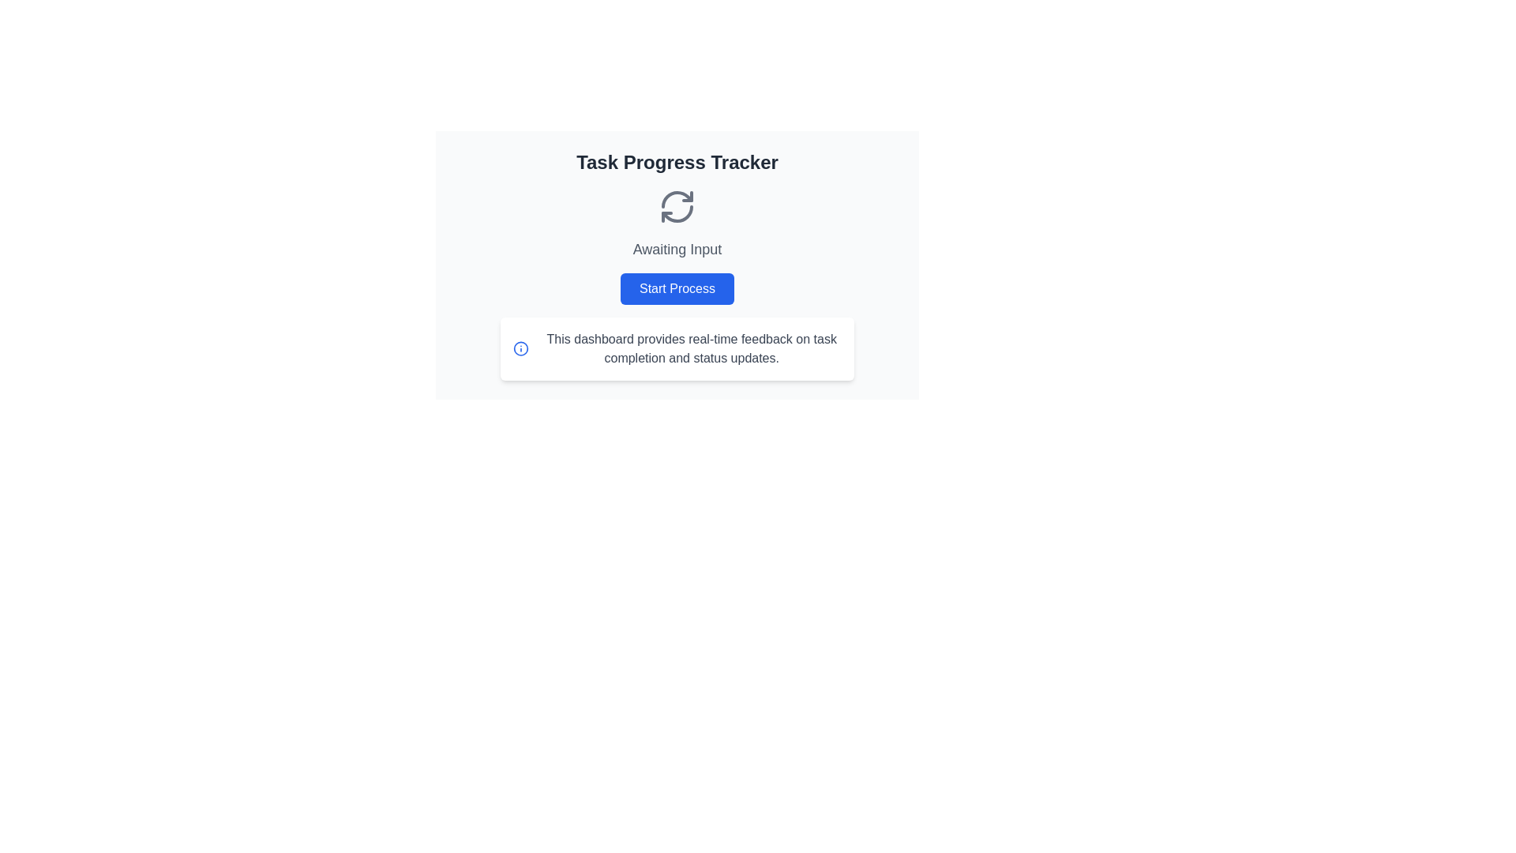  What do you see at coordinates (677, 249) in the screenshot?
I see `the text label that says 'Awaiting Input', which is displayed in a medium-large font size with a medium-gray color, located below the 'Task Progress Tracker' header and above the 'Start Process' button` at bounding box center [677, 249].